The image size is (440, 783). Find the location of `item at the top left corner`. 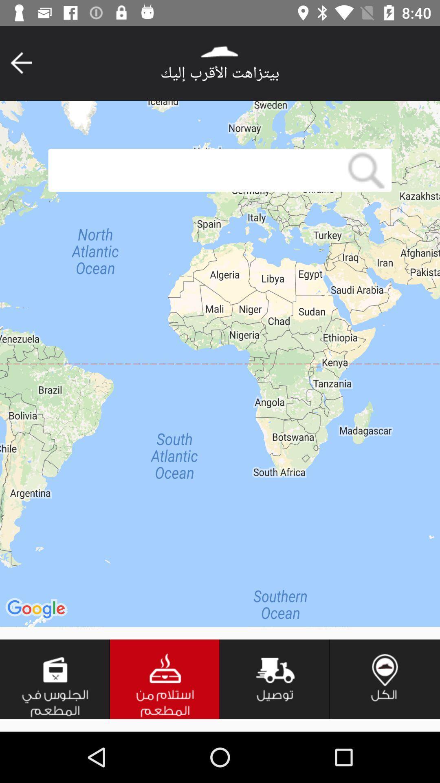

item at the top left corner is located at coordinates (21, 62).